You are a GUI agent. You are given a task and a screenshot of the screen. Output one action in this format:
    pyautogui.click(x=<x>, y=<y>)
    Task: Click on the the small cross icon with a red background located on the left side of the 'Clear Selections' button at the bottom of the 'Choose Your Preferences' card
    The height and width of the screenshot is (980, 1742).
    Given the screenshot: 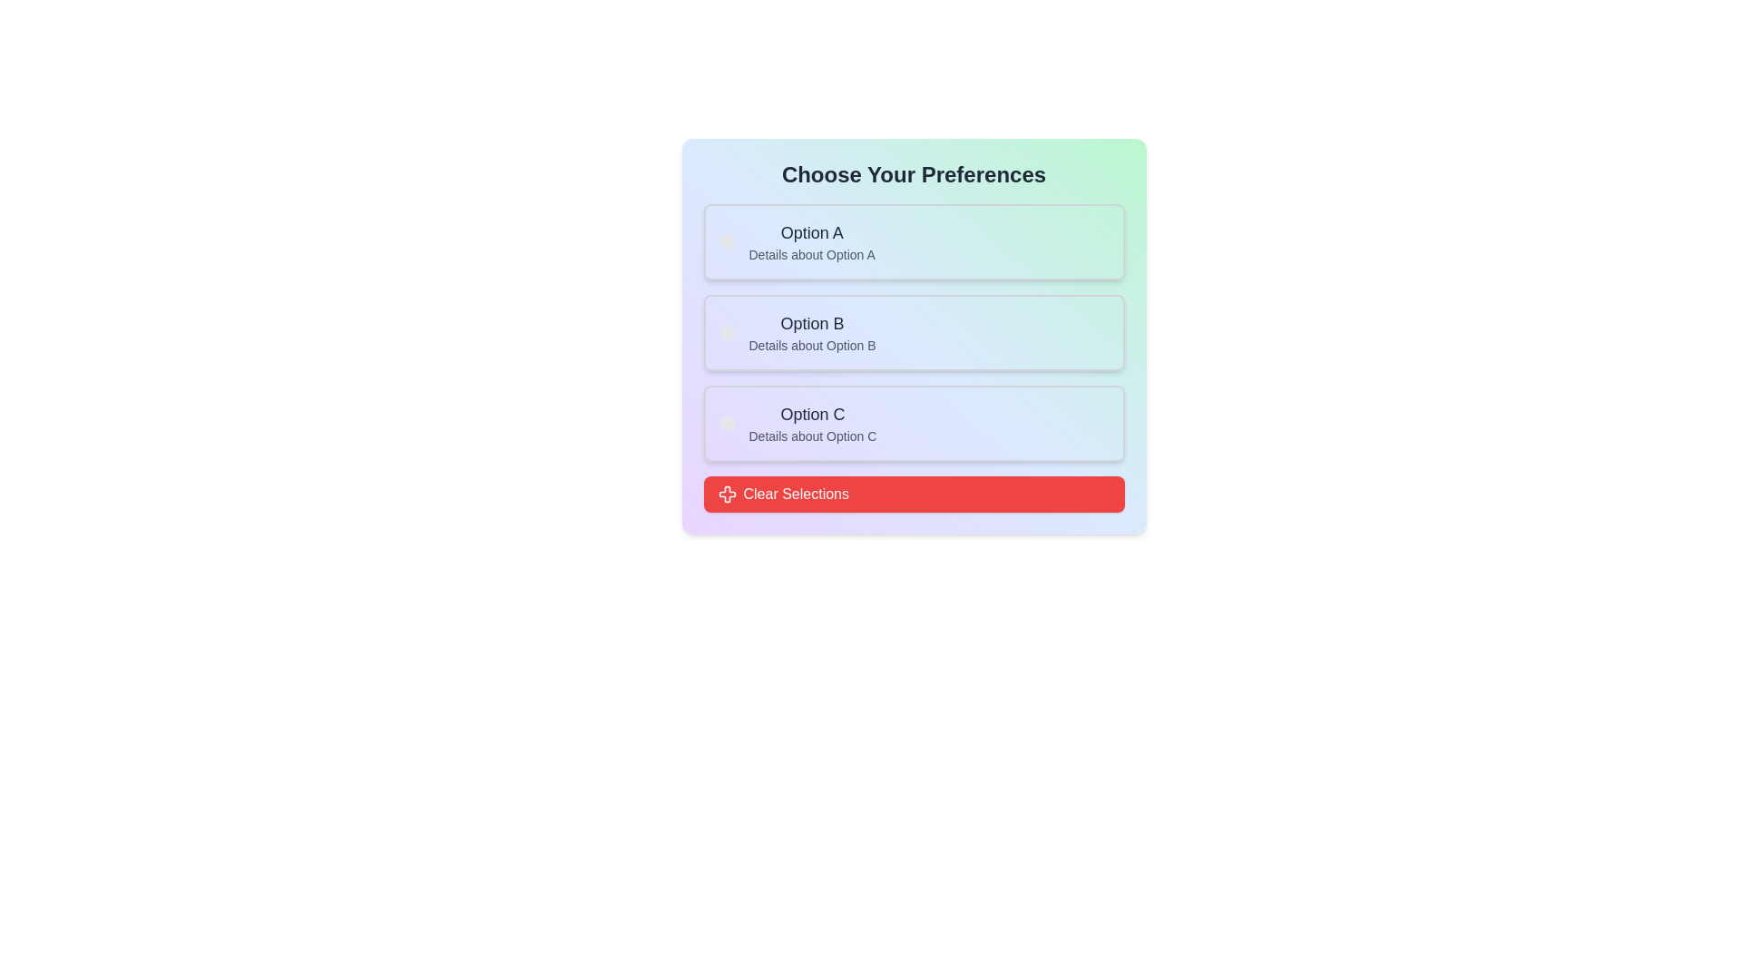 What is the action you would take?
    pyautogui.click(x=727, y=494)
    